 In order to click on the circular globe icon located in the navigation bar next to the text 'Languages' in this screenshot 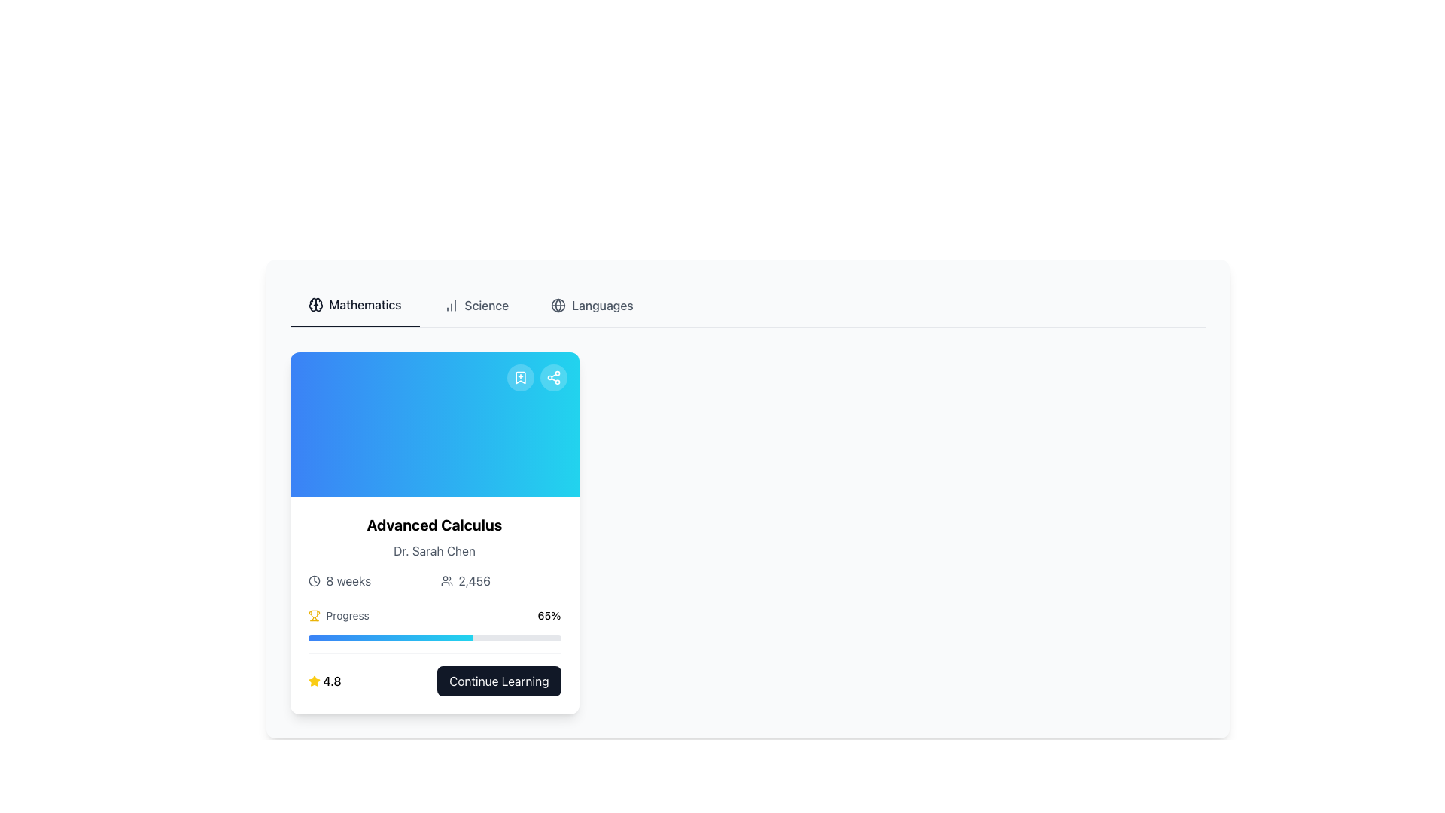, I will do `click(558, 305)`.